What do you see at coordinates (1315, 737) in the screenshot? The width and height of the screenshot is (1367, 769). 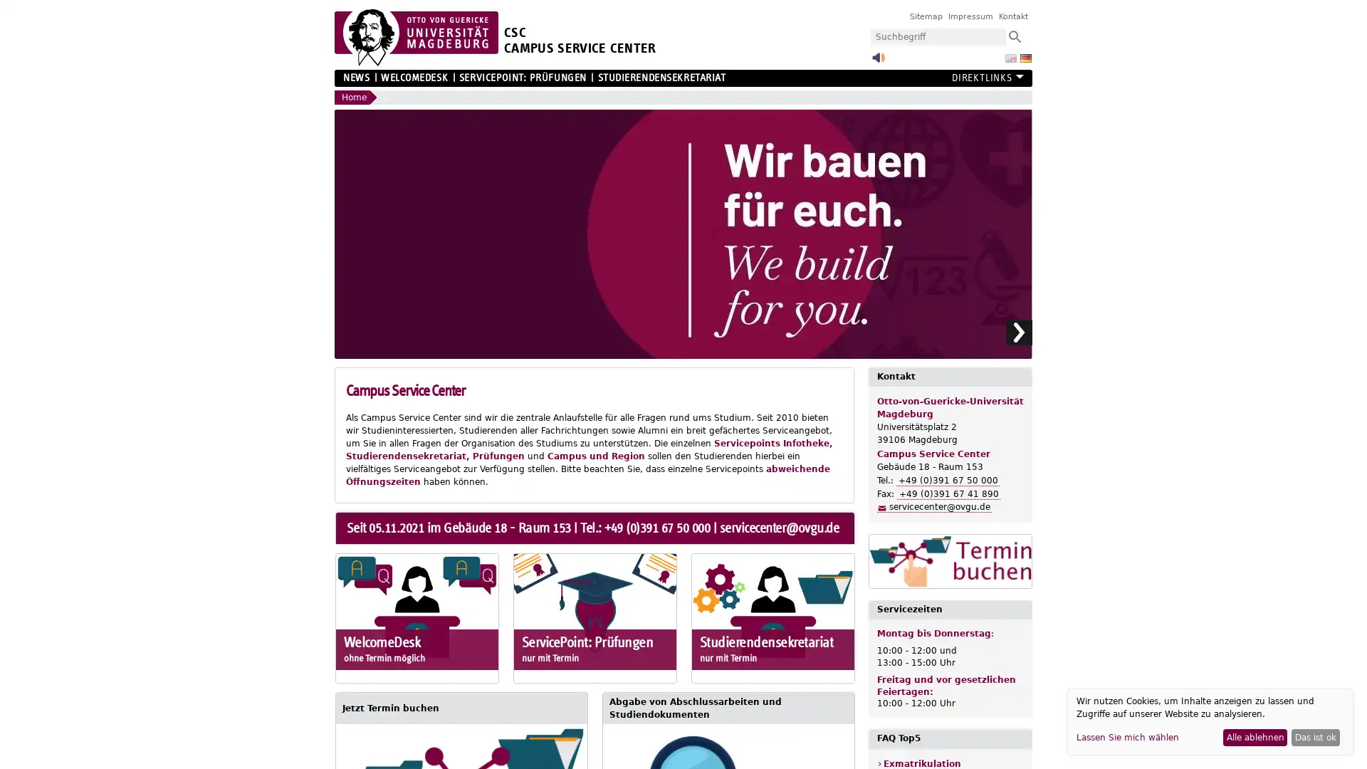 I see `Das ist ok` at bounding box center [1315, 737].